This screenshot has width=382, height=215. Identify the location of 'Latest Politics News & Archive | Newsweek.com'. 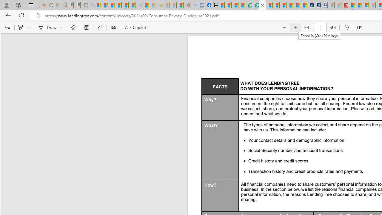
(345, 5).